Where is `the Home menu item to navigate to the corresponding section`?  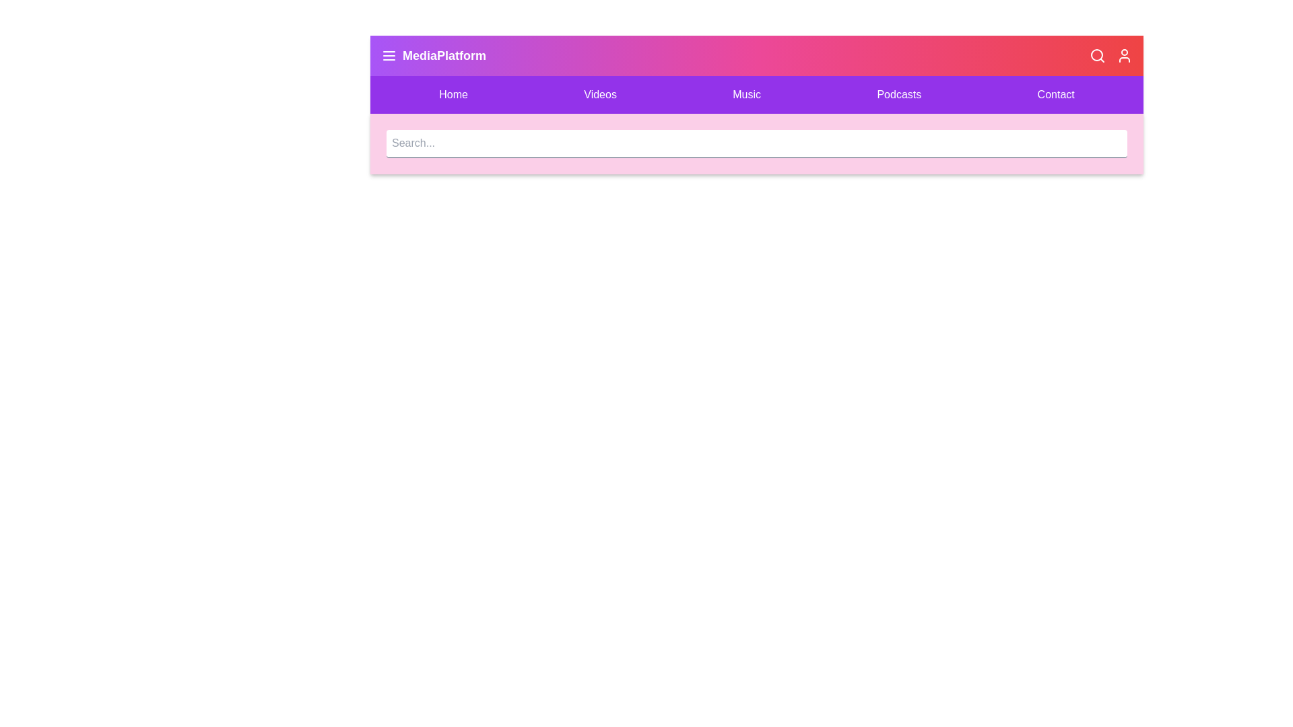 the Home menu item to navigate to the corresponding section is located at coordinates (453, 94).